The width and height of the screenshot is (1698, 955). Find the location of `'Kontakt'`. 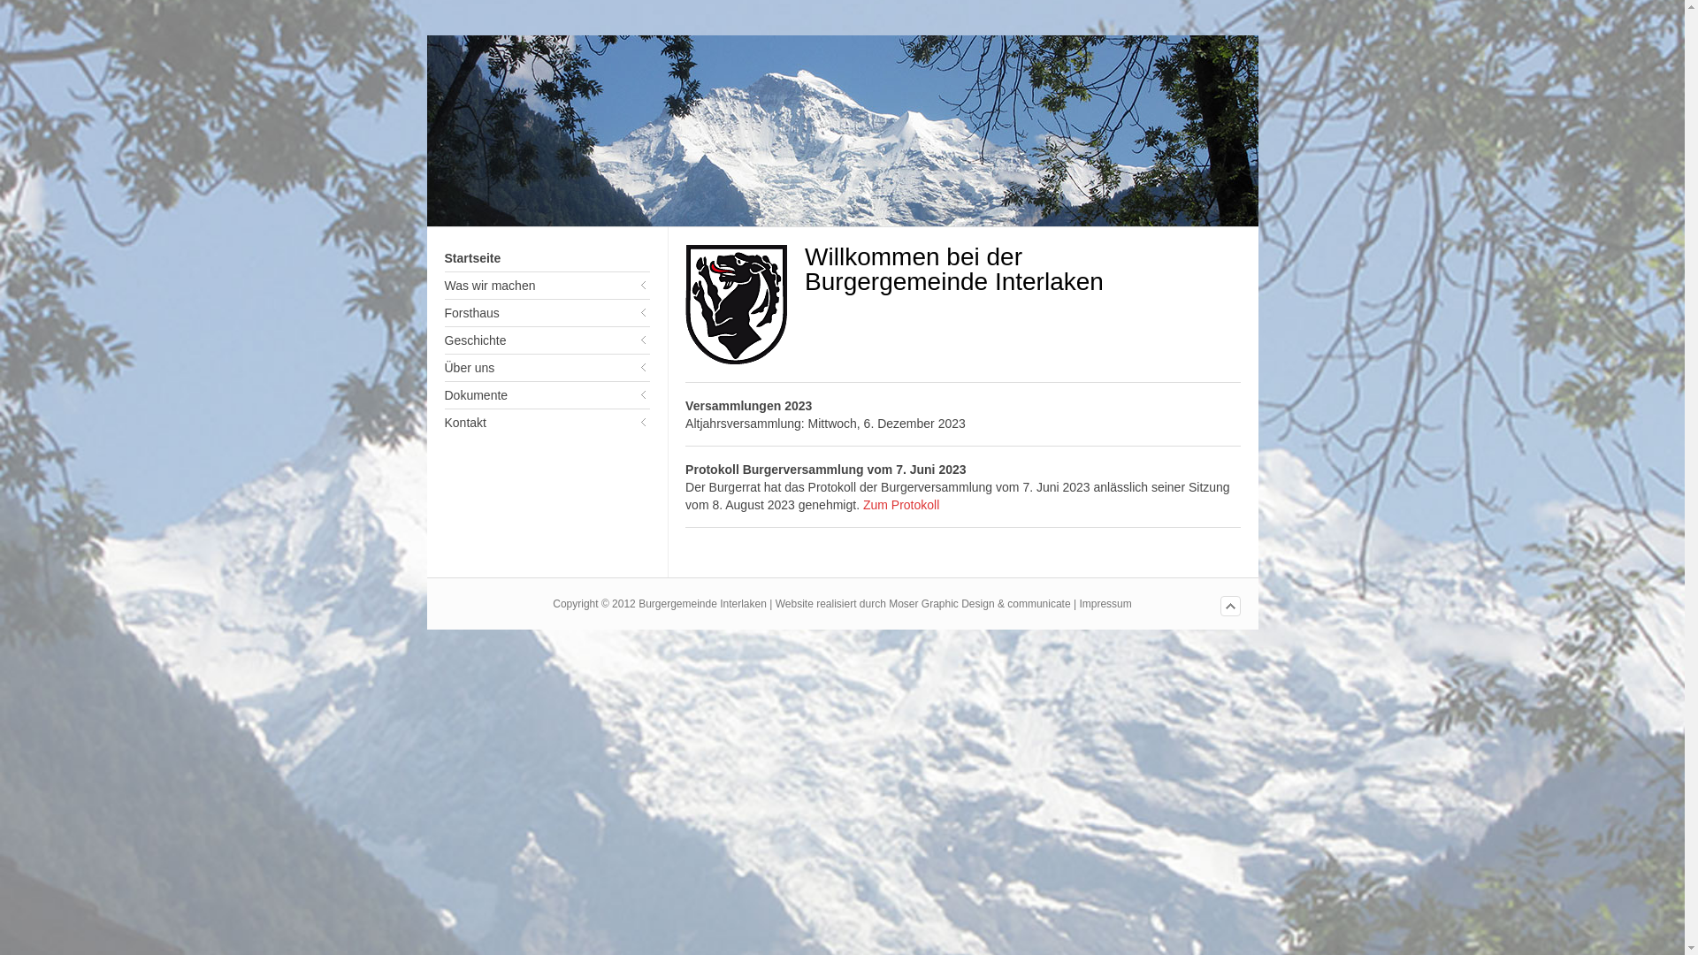

'Kontakt' is located at coordinates (546, 423).